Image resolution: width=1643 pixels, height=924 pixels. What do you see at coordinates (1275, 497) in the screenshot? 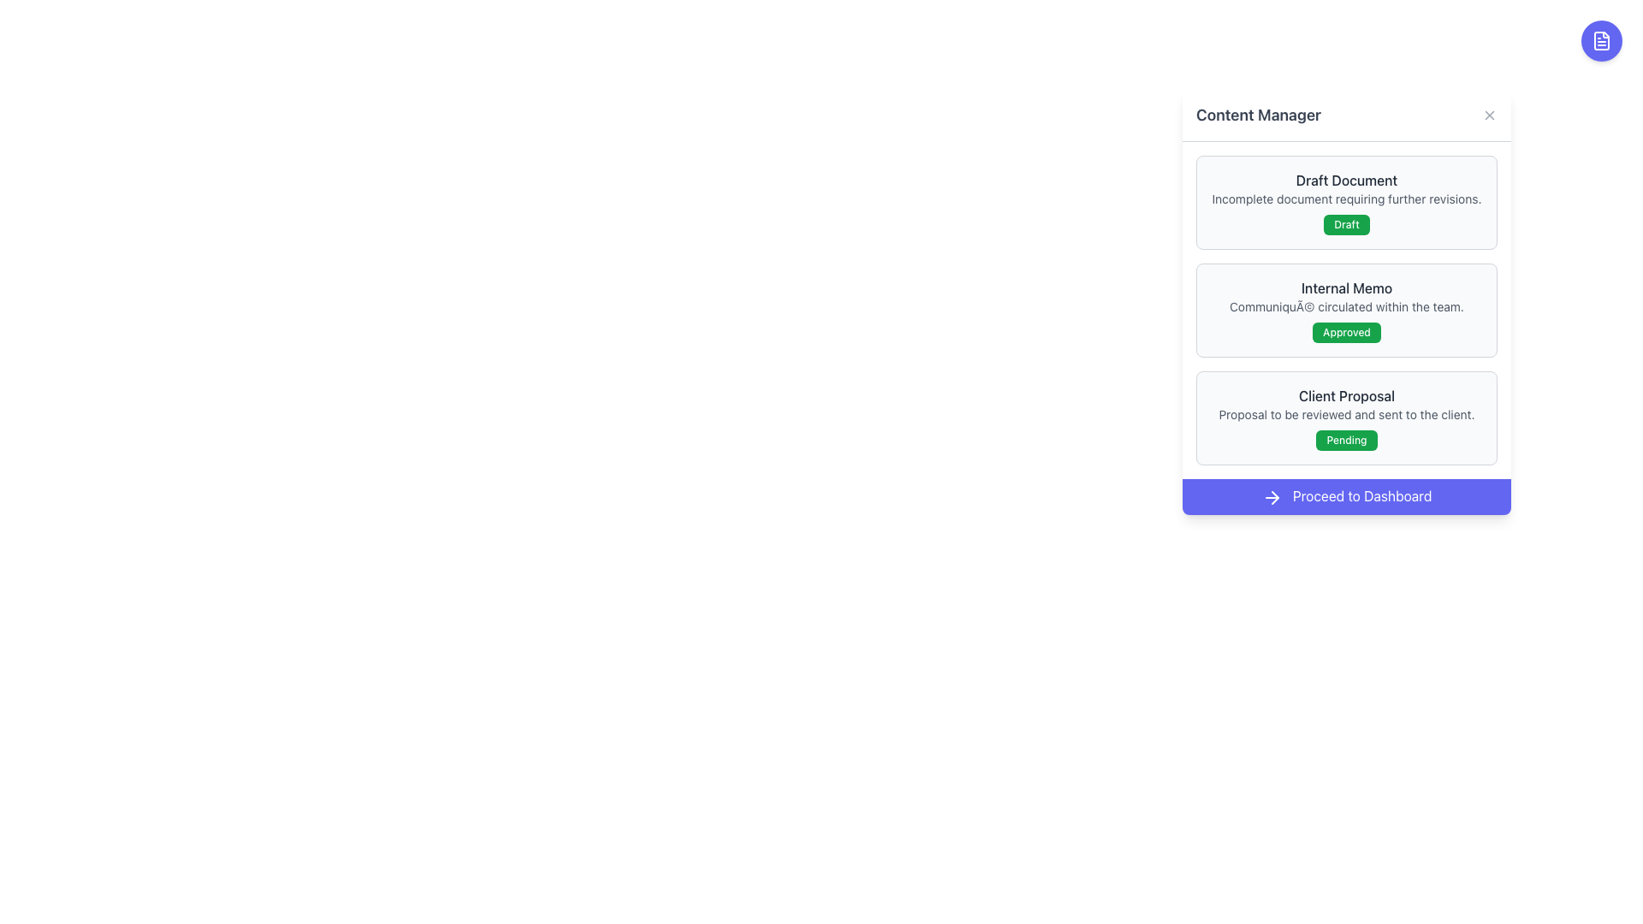
I see `the right-facing arrow icon located in the bottom bar, positioned to the left of the 'Proceed to Dashboard' button, which serves as a navigational element` at bounding box center [1275, 497].